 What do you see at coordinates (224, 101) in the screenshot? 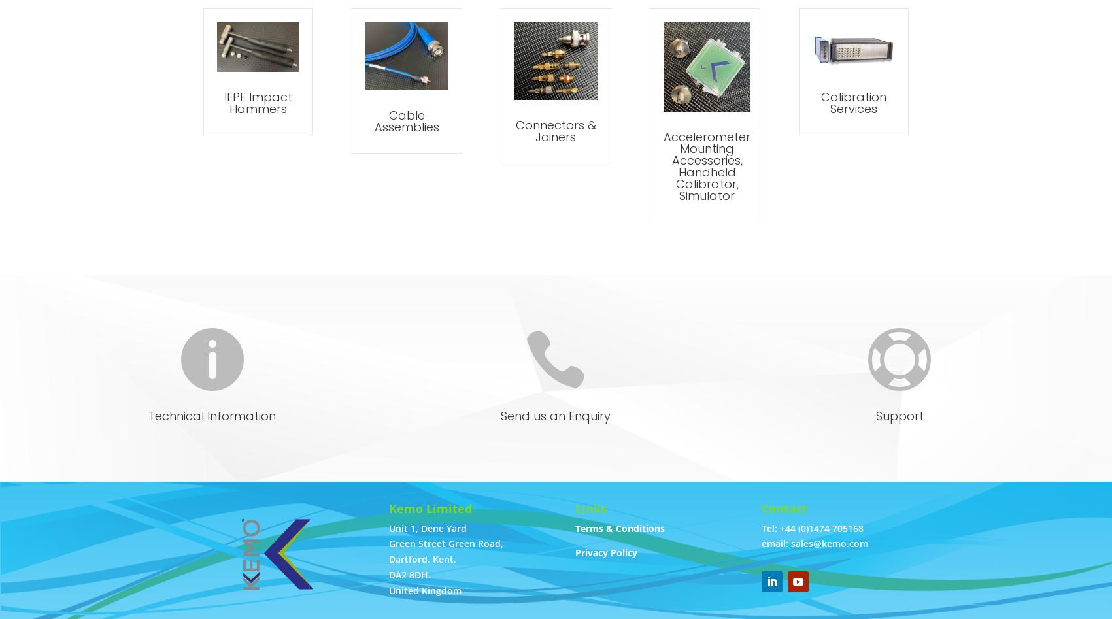
I see `'IEPE Impact Hammers'` at bounding box center [224, 101].